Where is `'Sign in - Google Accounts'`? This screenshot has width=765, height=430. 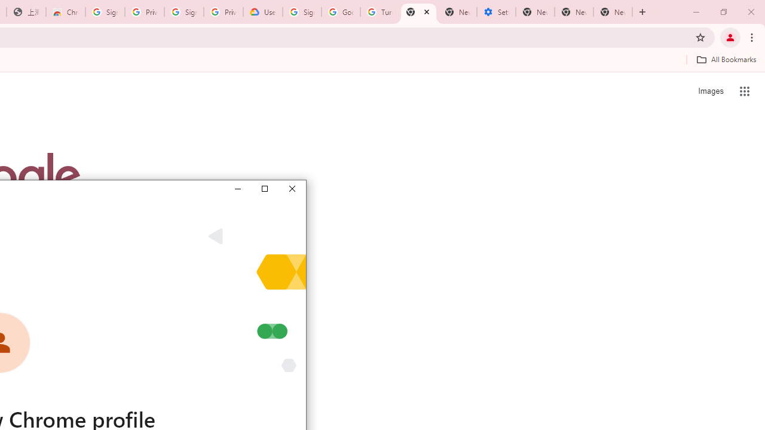
'Sign in - Google Accounts' is located at coordinates (105, 12).